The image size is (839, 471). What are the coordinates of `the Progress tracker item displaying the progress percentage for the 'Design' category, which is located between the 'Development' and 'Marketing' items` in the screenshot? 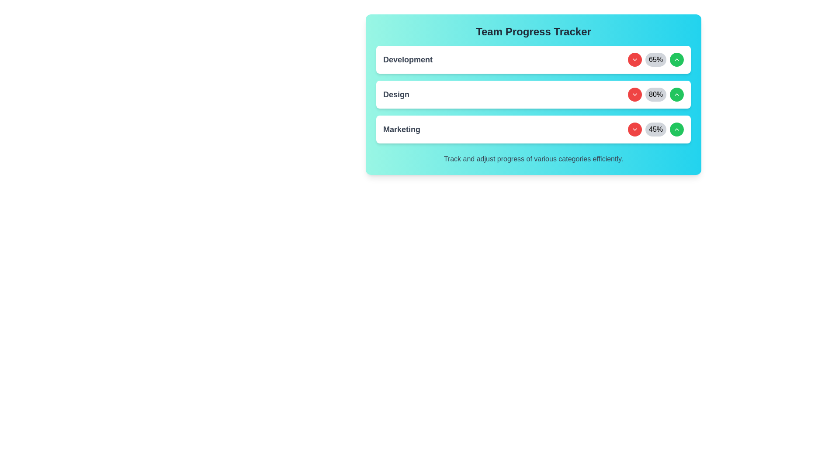 It's located at (533, 94).